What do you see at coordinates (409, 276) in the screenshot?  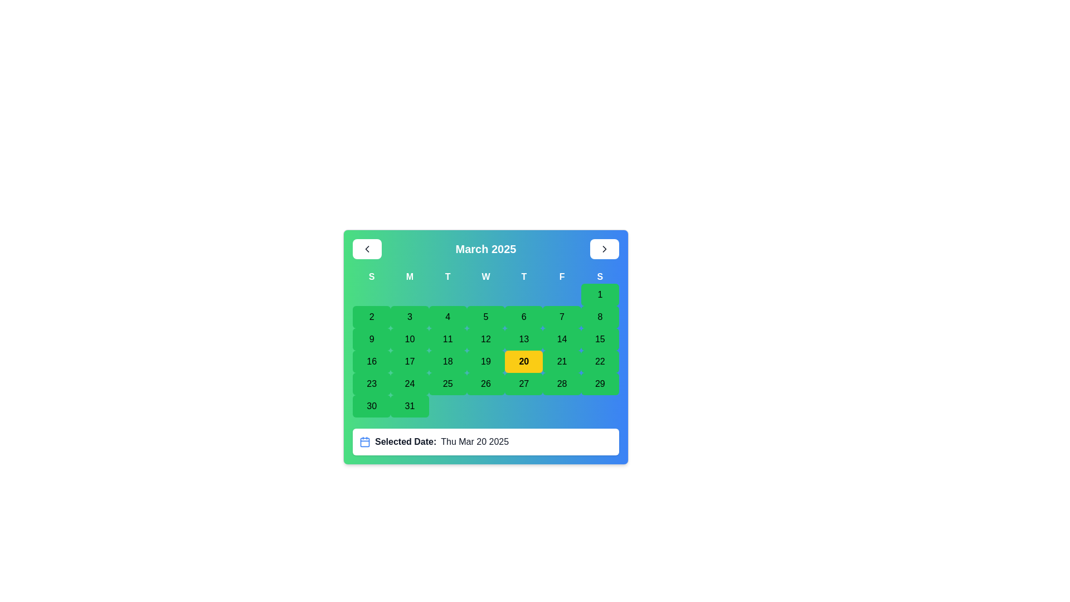 I see `the label displaying the letter 'M' which is part of the sequence indicating weekdays, located in a green box at the top section of the interface` at bounding box center [409, 276].